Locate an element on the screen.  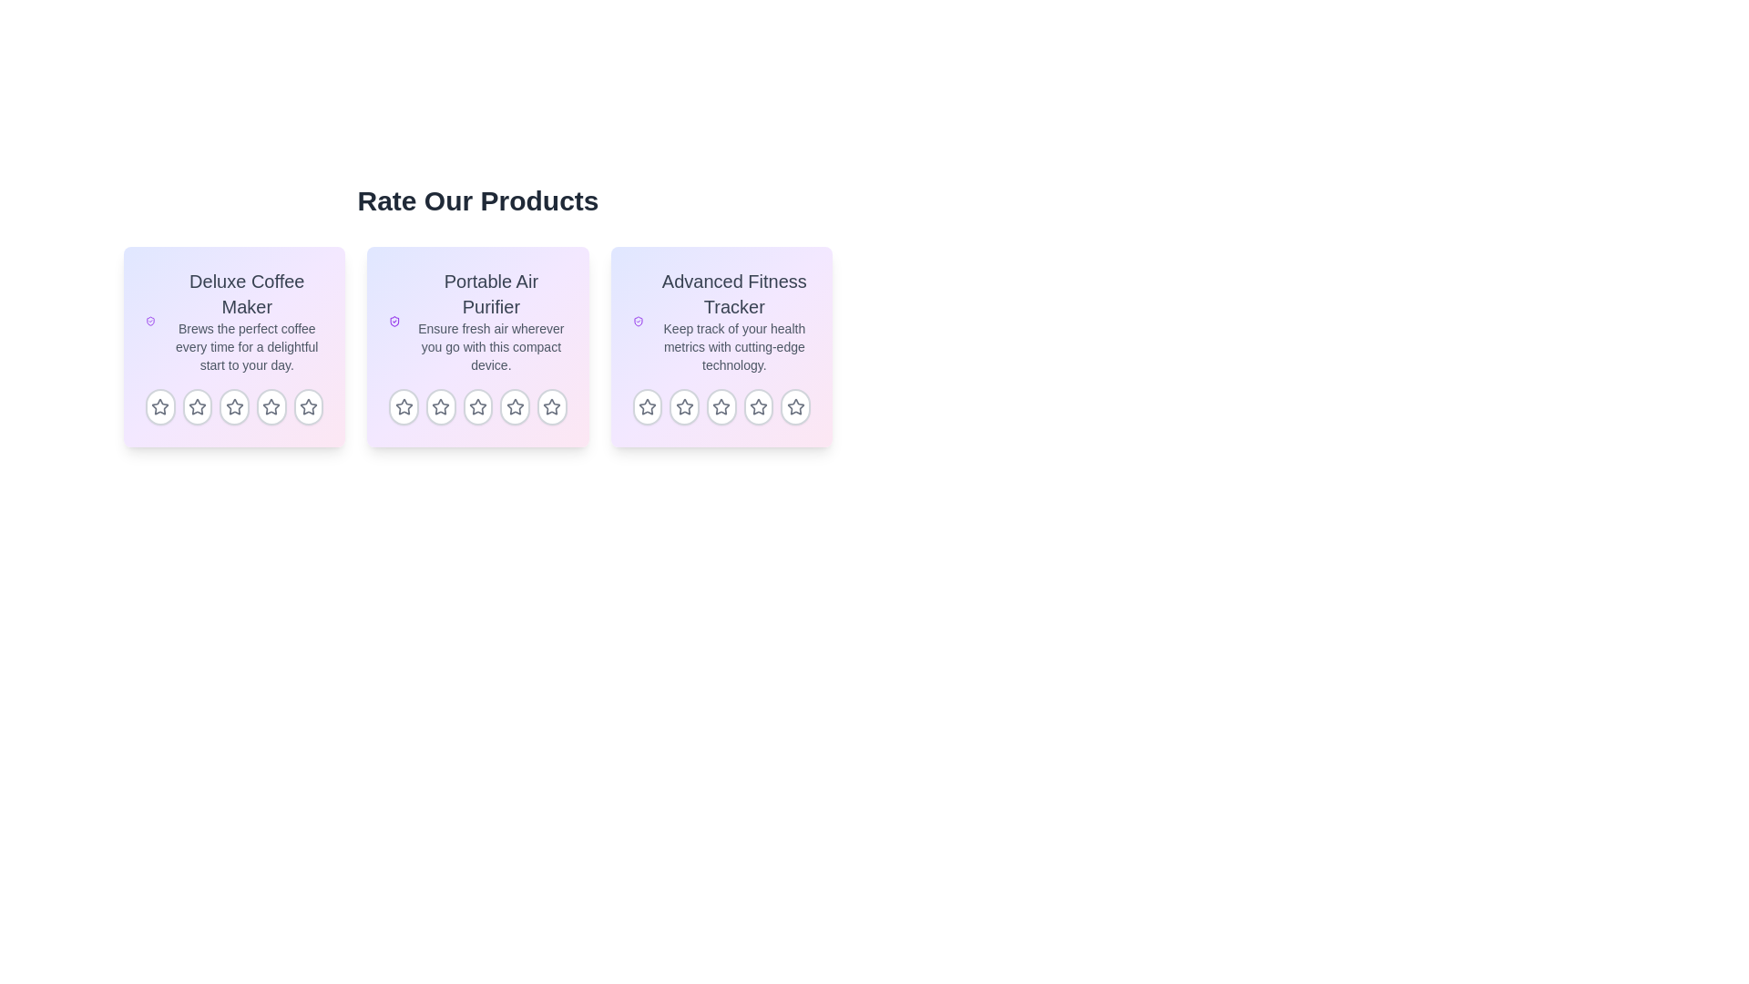
the fourth star icon below the 'Rate Our Products' heading to rate the Portable Air Purifier is located at coordinates (514, 405).